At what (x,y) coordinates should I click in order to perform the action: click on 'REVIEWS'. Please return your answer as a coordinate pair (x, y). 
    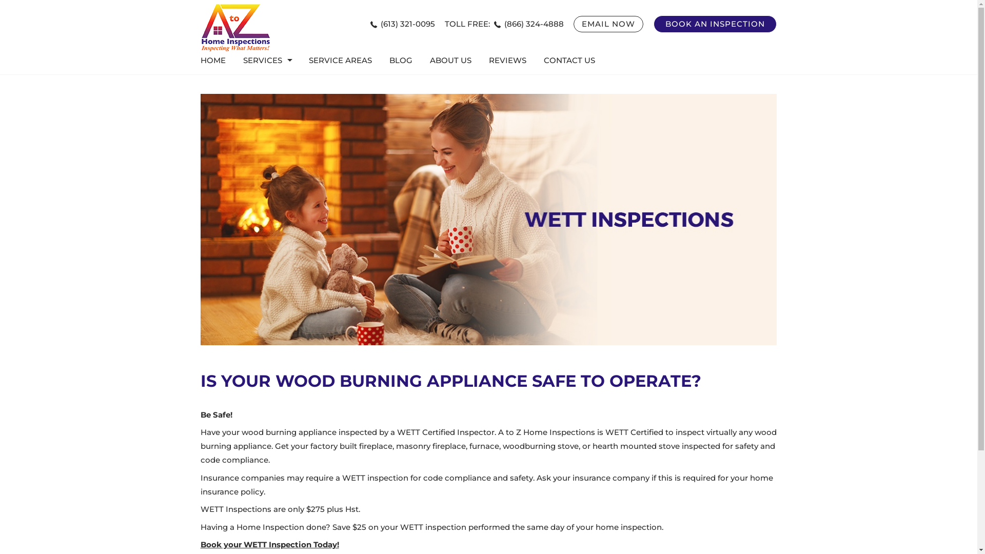
    Looking at the image, I should click on (507, 60).